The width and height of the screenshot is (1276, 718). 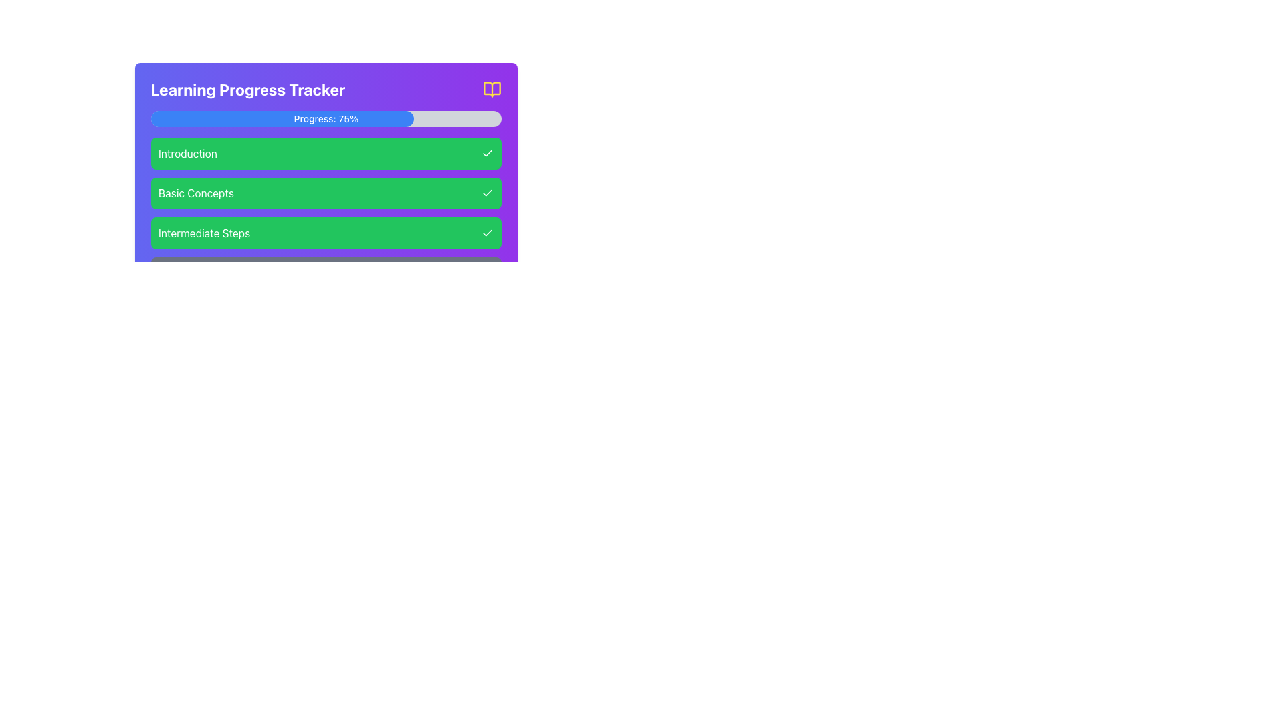 What do you see at coordinates (487, 193) in the screenshot?
I see `the small checkmark icon within a green circular background, located at the right-hand side of the rectangular green box labeled 'Basic Concepts'` at bounding box center [487, 193].